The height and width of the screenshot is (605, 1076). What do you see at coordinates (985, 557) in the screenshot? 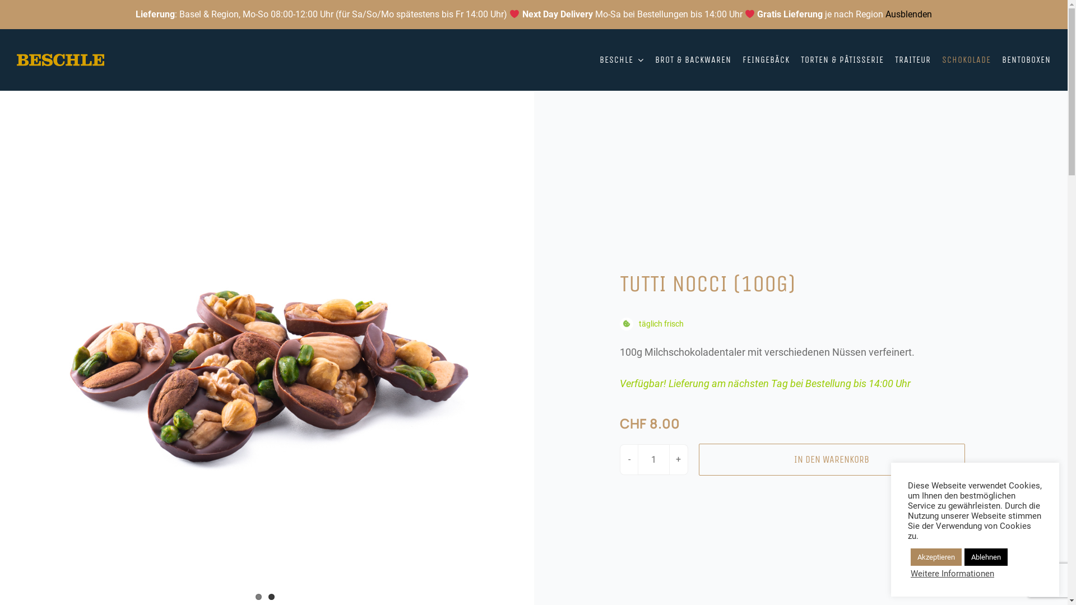
I see `'Ablehnen'` at bounding box center [985, 557].